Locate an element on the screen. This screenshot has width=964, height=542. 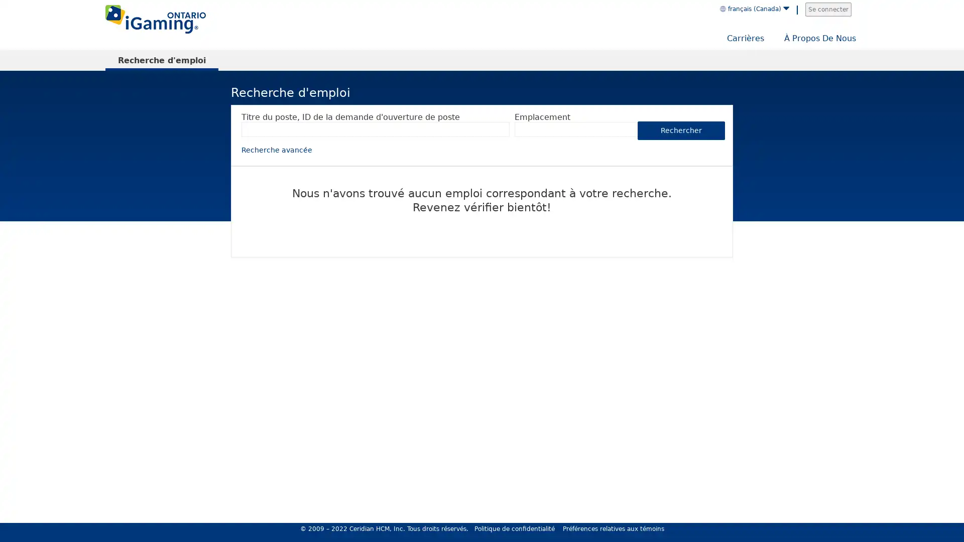
select is located at coordinates (637, 129).